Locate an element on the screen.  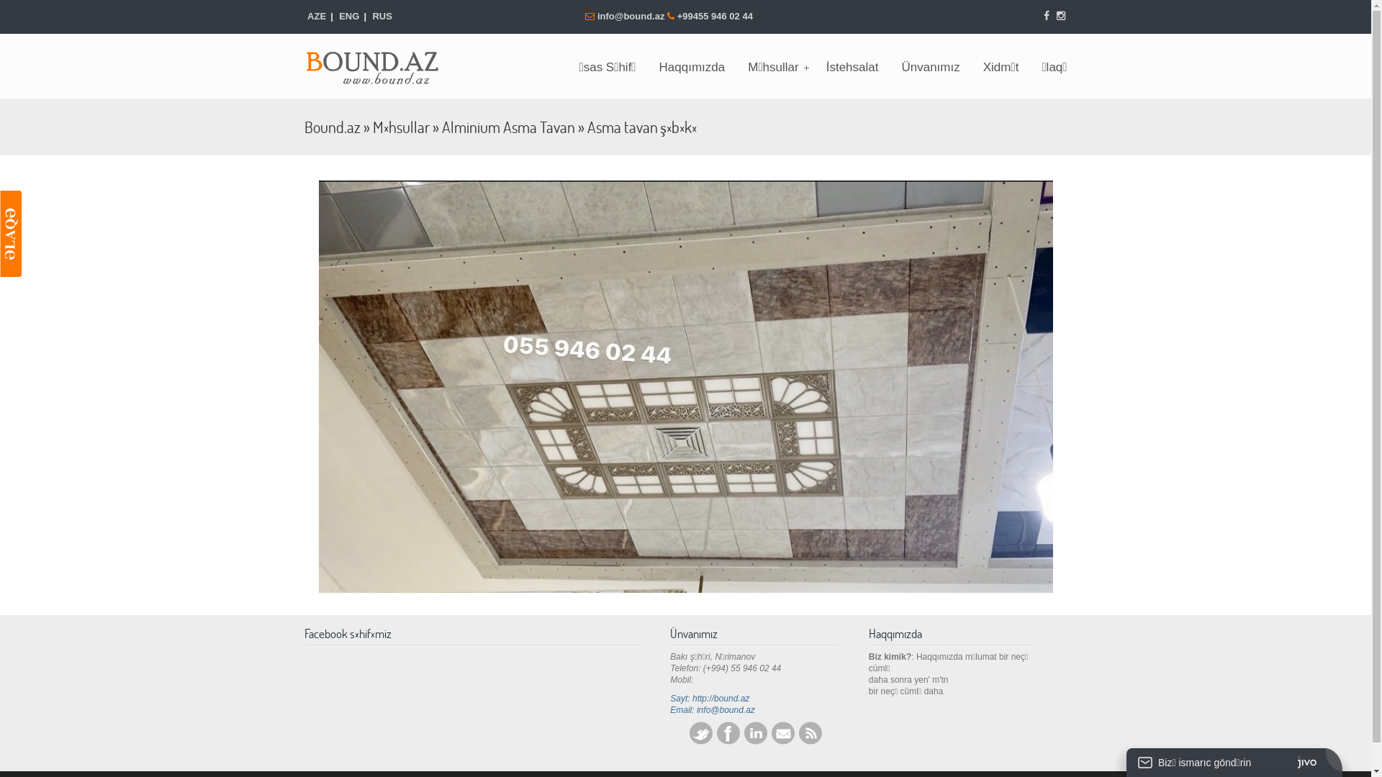
'E-mail' is located at coordinates (782, 741).